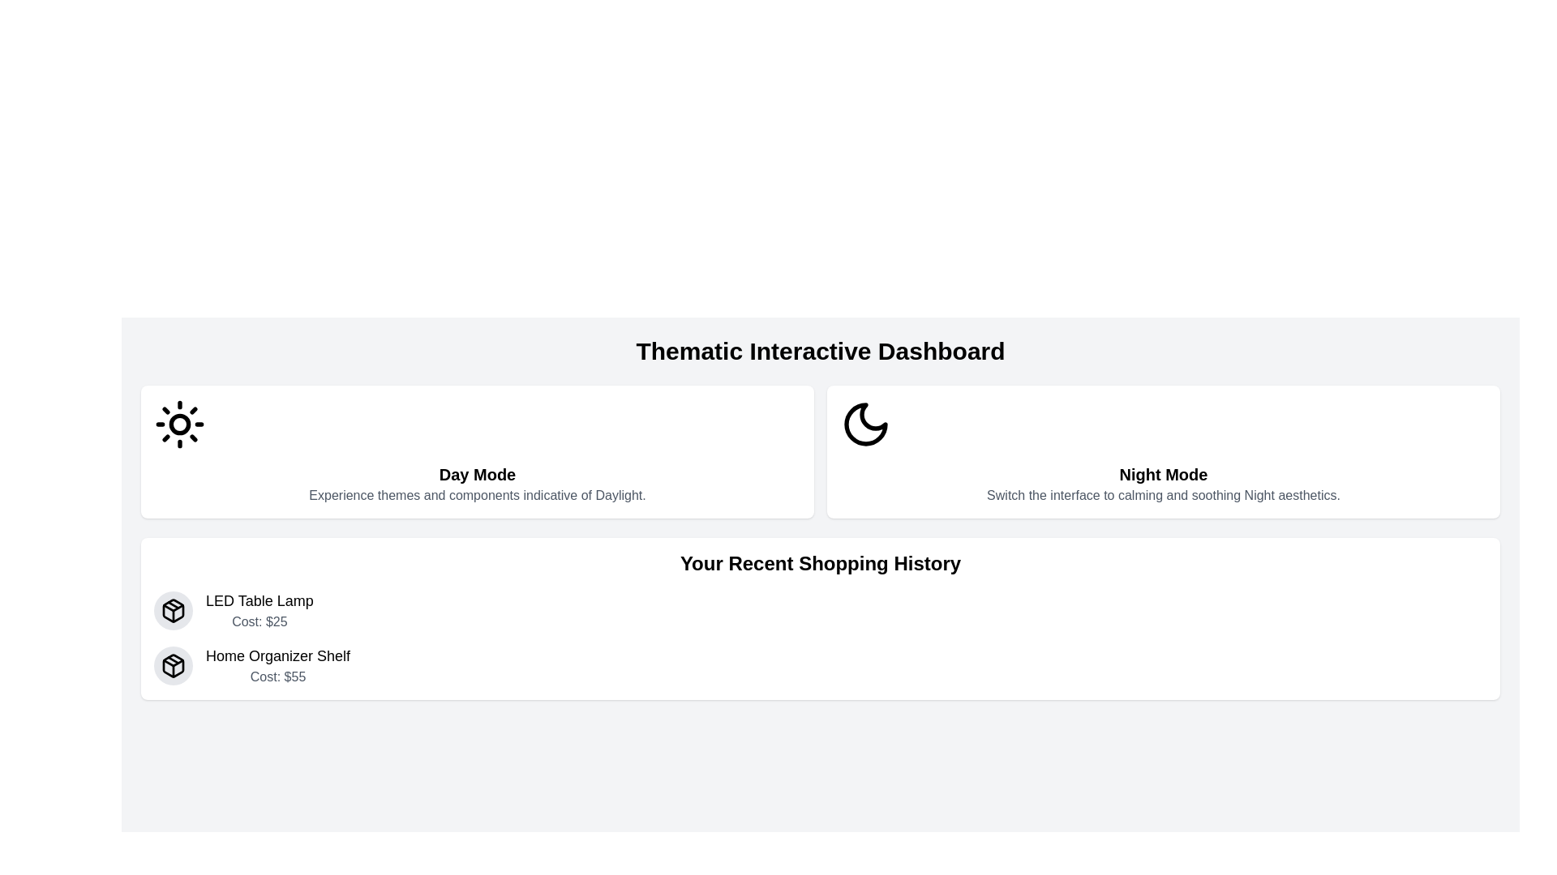 The width and height of the screenshot is (1557, 875). What do you see at coordinates (477, 495) in the screenshot?
I see `the text label that states 'Experience themes and components indicative of Daylight.' located below the 'Day Mode' heading in the left column of the interface` at bounding box center [477, 495].